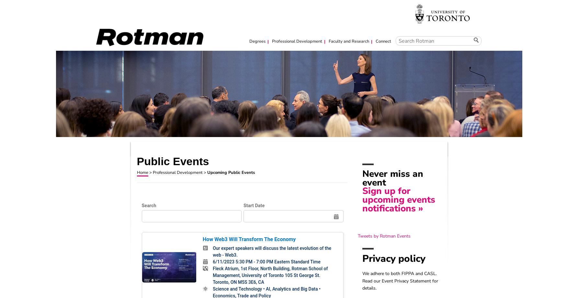 The image size is (578, 298). I want to click on 'Tweets by Rotman Events', so click(383, 235).